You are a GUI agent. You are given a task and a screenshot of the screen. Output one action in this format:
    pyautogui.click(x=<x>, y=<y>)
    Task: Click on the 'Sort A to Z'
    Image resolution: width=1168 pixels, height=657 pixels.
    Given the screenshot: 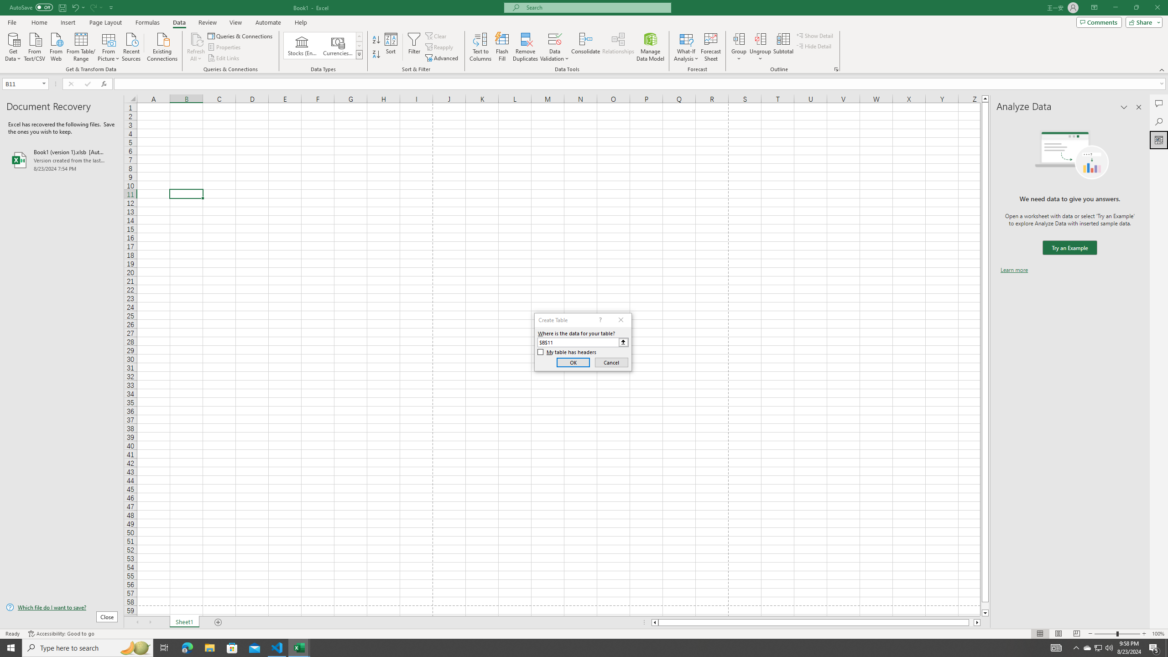 What is the action you would take?
    pyautogui.click(x=376, y=40)
    